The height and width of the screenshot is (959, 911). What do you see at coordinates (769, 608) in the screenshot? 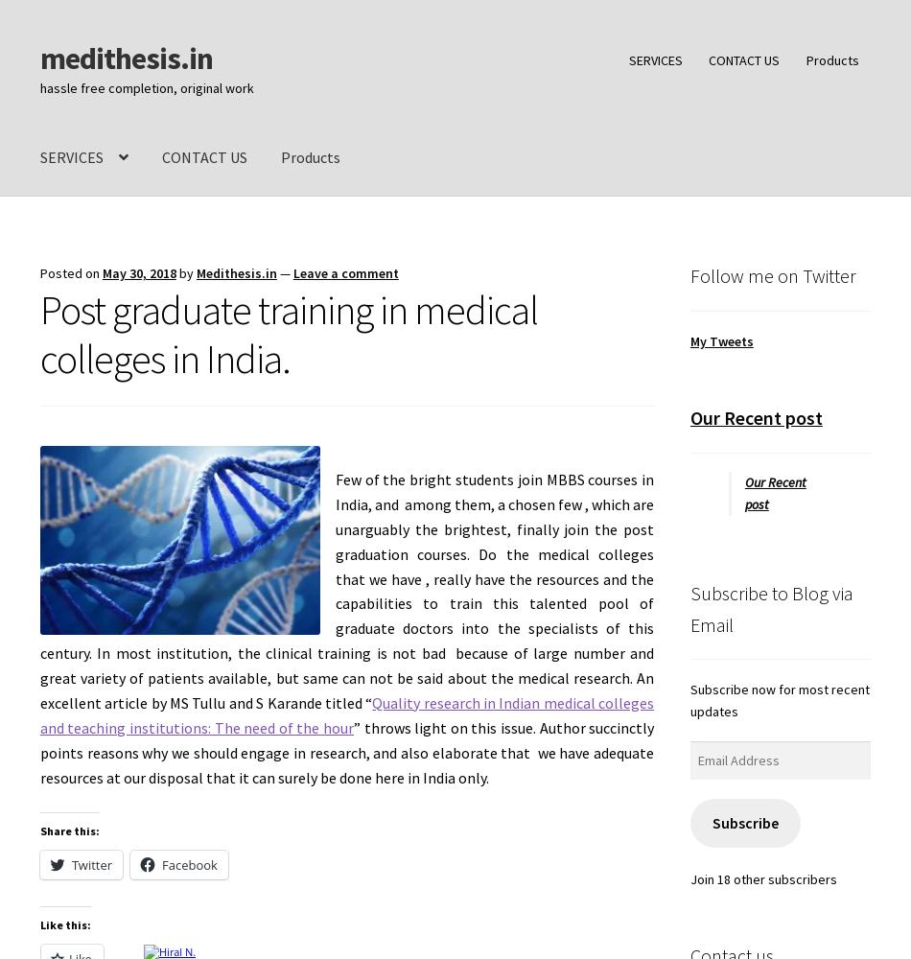
I see `'Subscribe to Blog via Email'` at bounding box center [769, 608].